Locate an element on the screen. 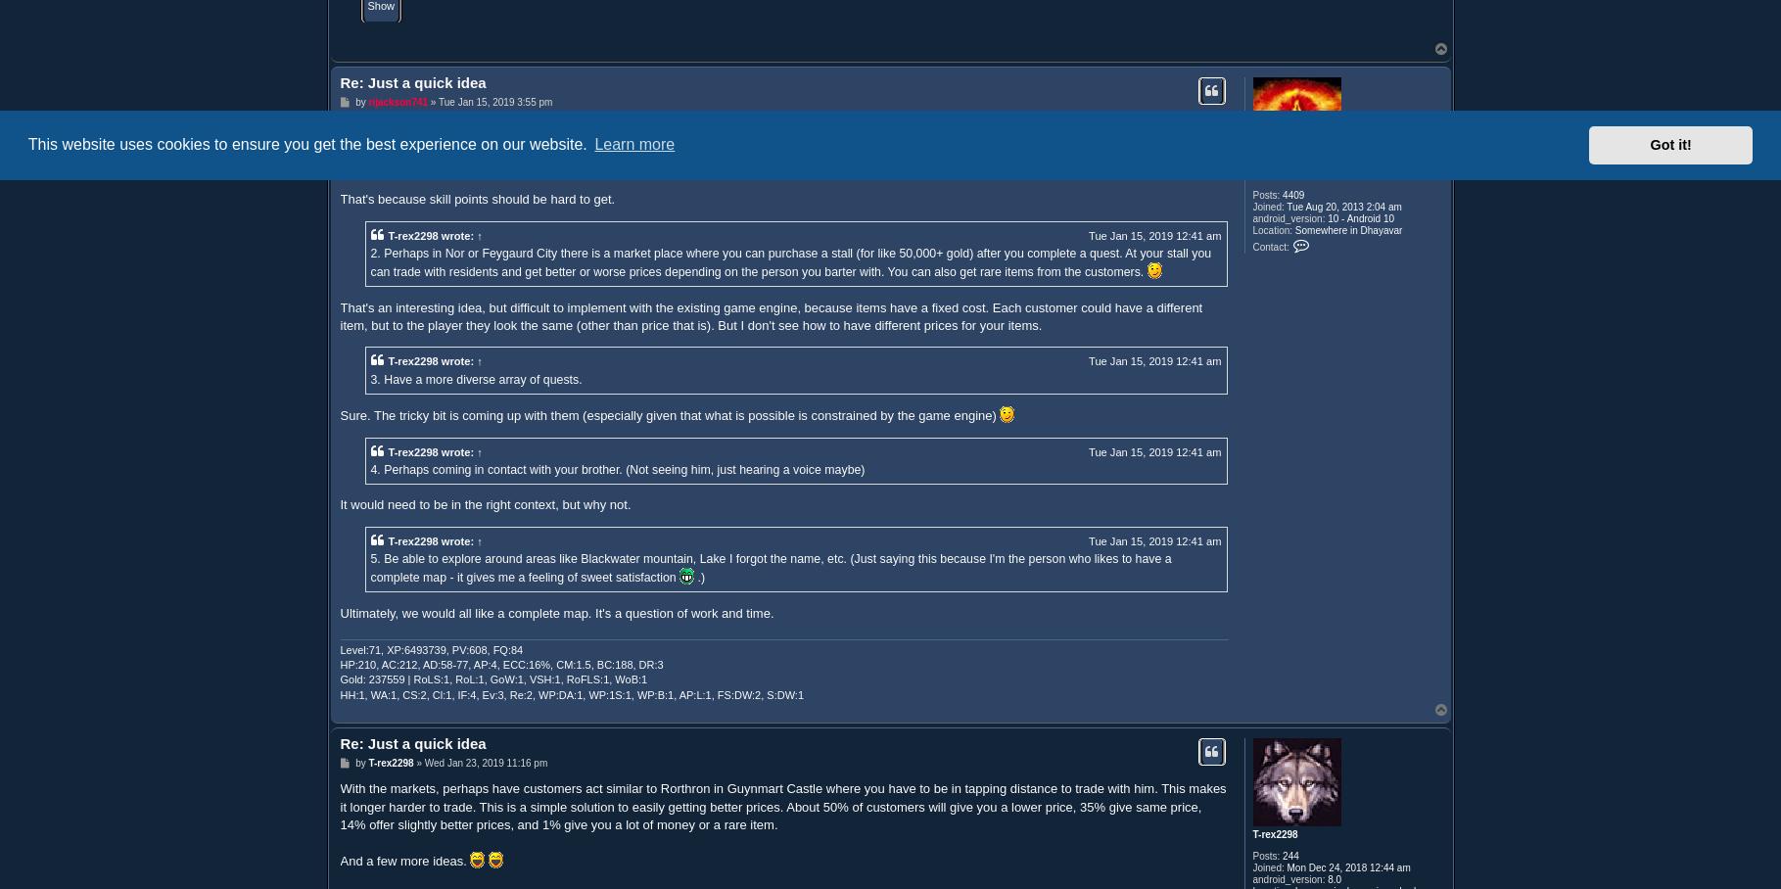  '4. Perhaps coming in contact with your brother. (Not seeing him, just hearing a voice maybe)' is located at coordinates (617, 467).